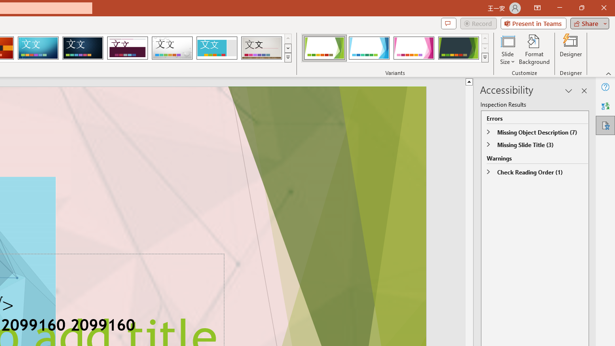  I want to click on 'Variants', so click(485, 58).